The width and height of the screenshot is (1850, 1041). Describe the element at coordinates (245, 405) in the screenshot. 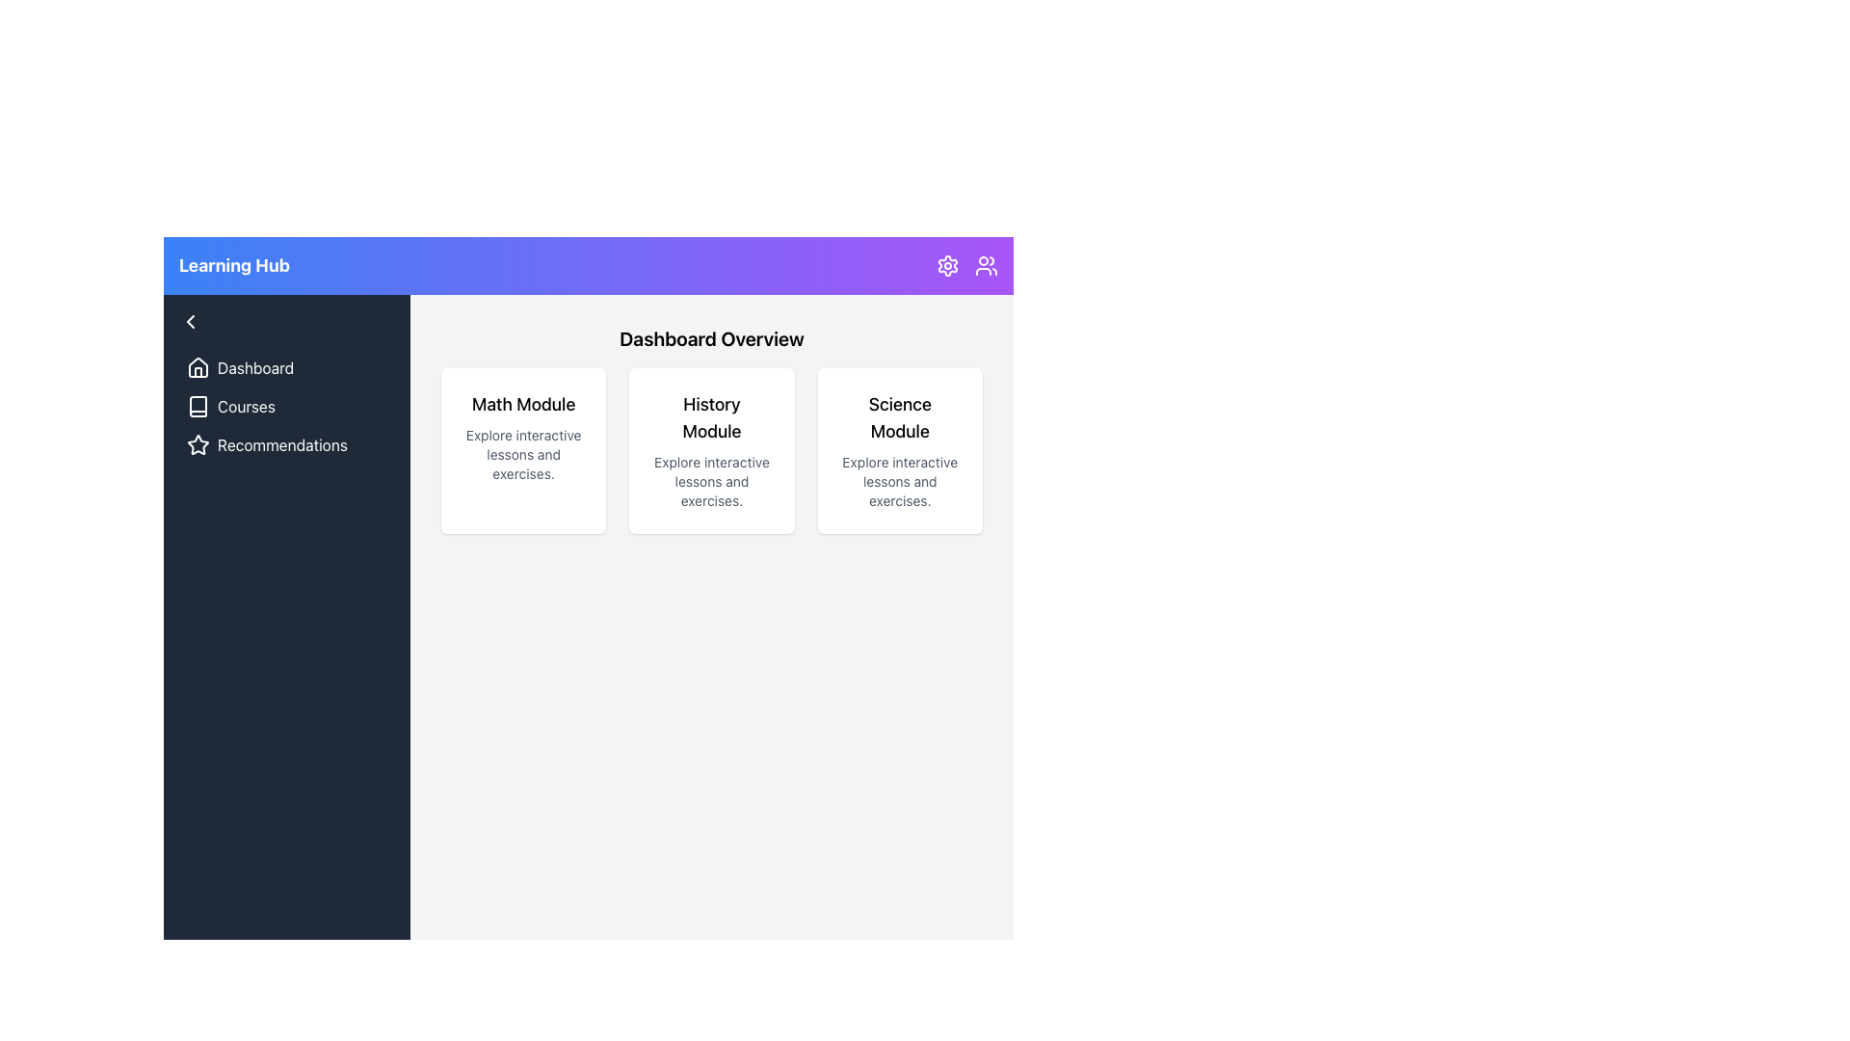

I see `the static text label displaying 'Courses' in white on a dark blue background, located in the sidebar menu of the interface` at that location.